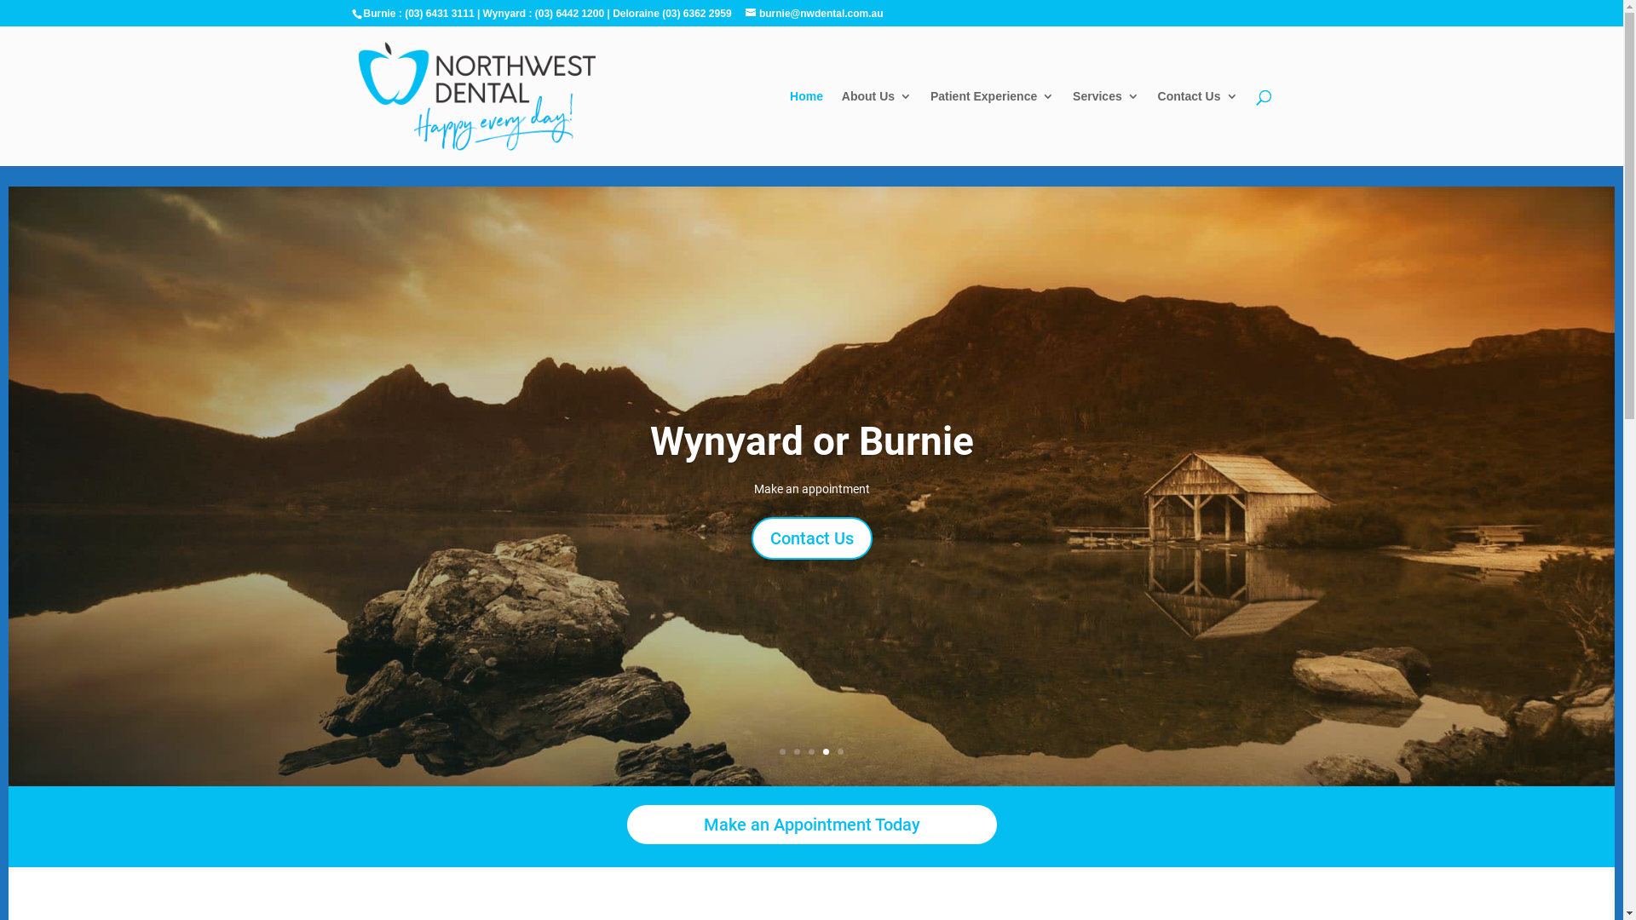  I want to click on '5', so click(840, 750).